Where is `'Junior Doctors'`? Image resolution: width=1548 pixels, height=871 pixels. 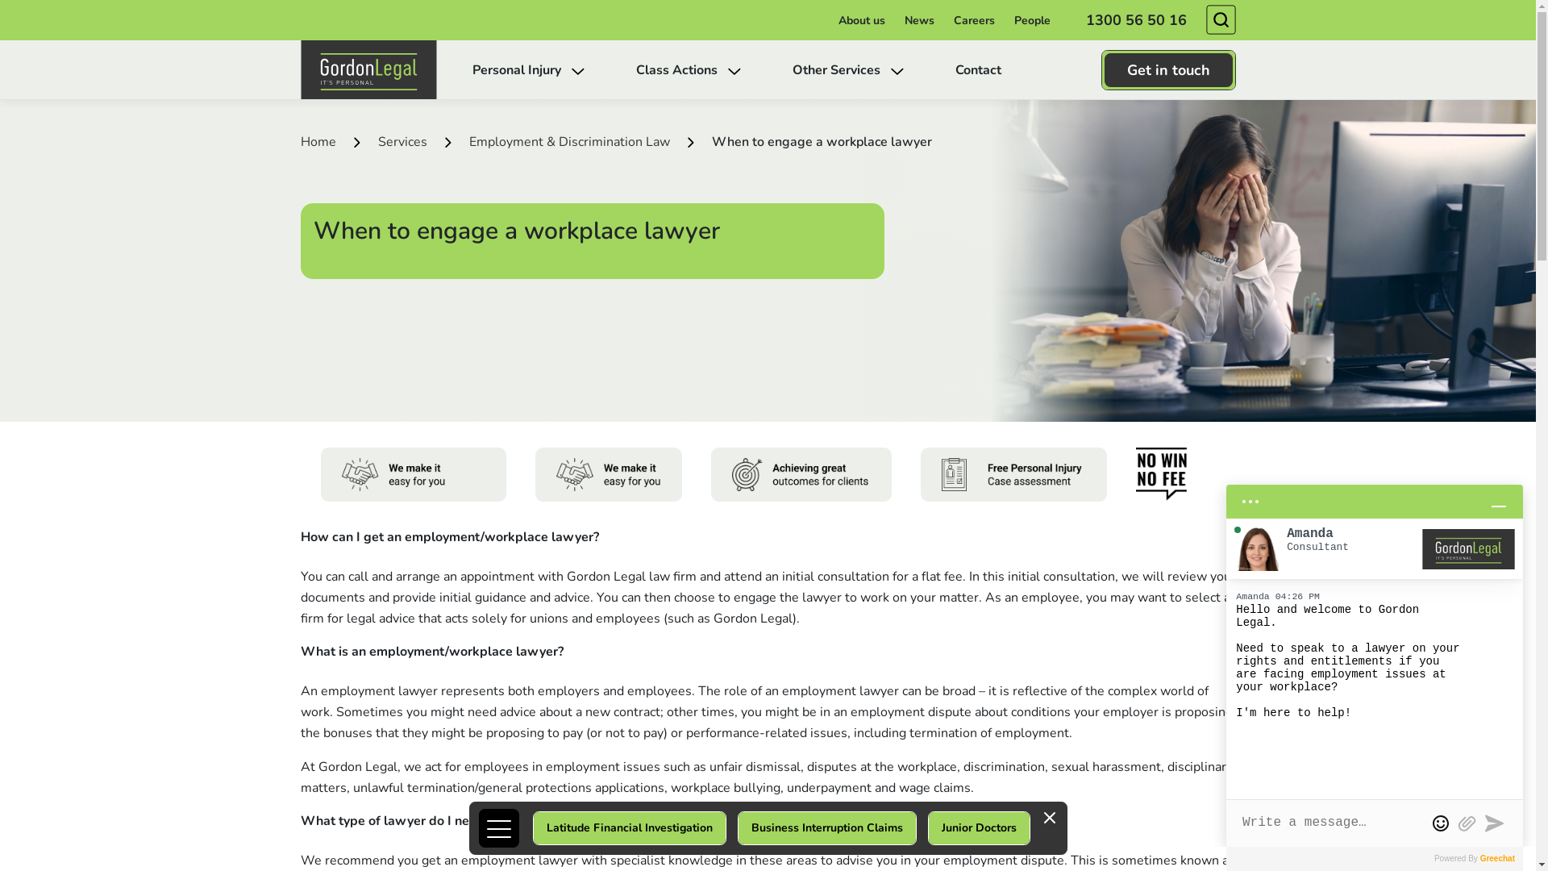
'Junior Doctors' is located at coordinates (978, 827).